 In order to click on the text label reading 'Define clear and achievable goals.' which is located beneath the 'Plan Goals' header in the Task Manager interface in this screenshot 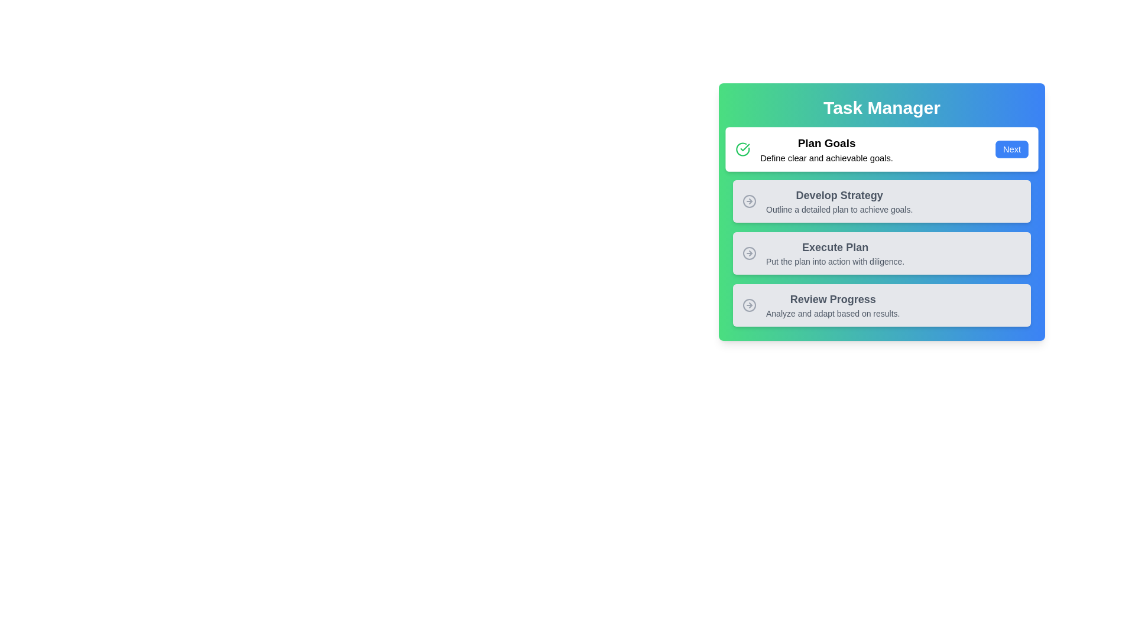, I will do `click(826, 157)`.